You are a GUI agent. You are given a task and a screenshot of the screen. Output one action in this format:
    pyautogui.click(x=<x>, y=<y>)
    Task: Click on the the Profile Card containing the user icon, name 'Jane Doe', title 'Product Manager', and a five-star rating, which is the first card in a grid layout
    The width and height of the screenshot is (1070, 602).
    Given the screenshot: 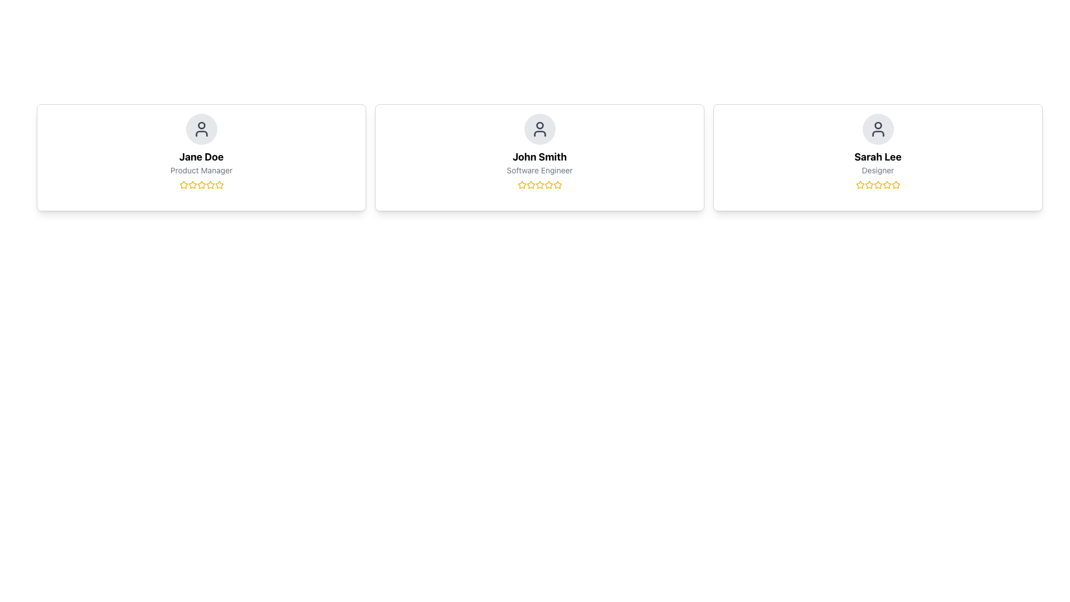 What is the action you would take?
    pyautogui.click(x=201, y=157)
    